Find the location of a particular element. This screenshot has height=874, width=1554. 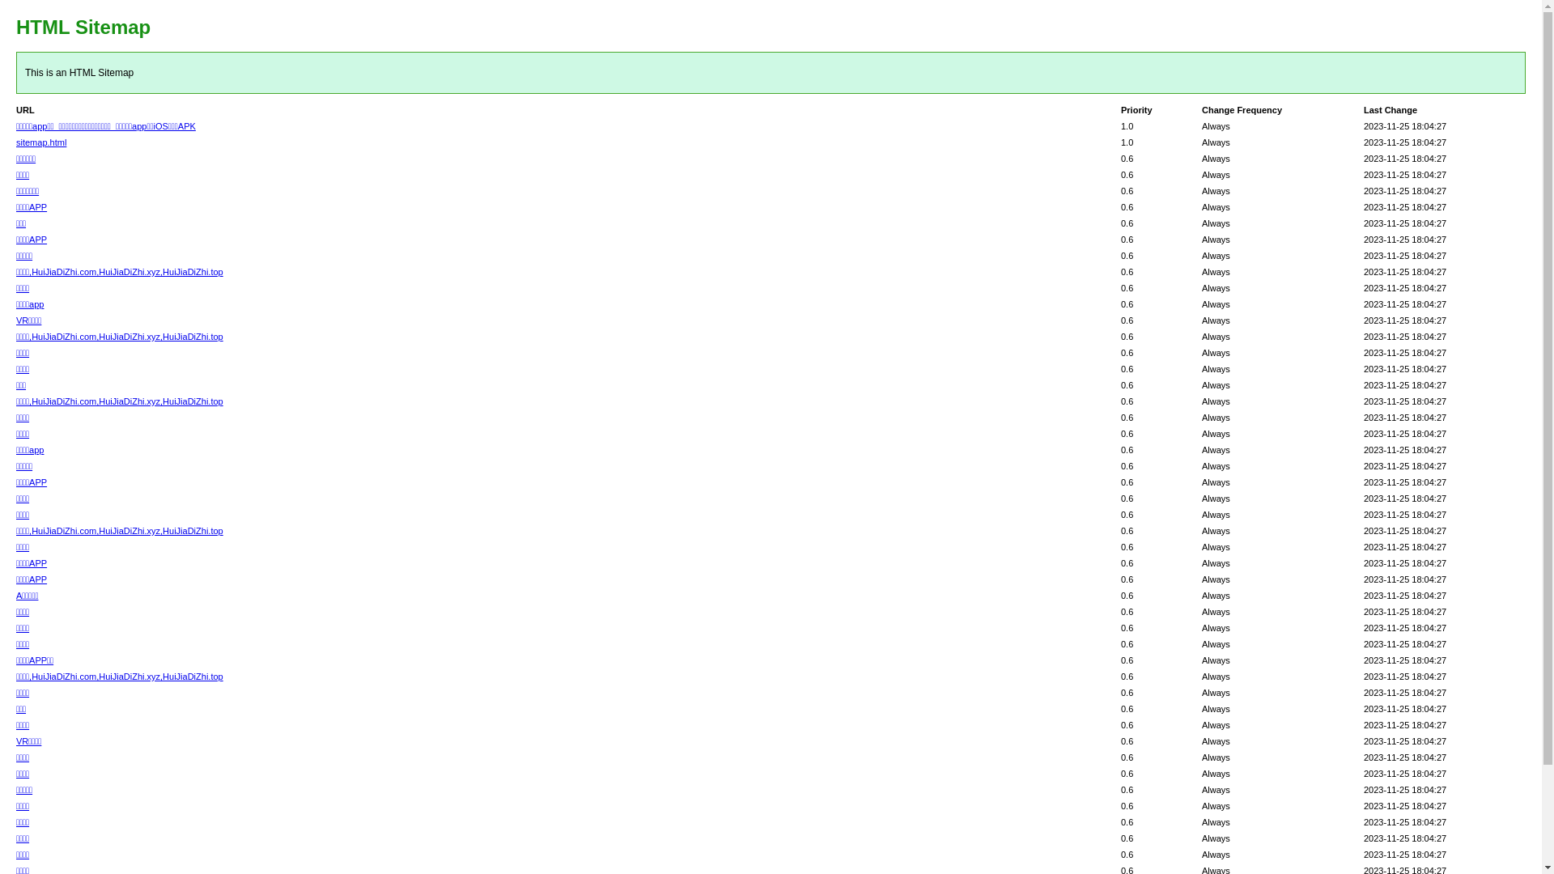

'sitemap.html' is located at coordinates (41, 142).